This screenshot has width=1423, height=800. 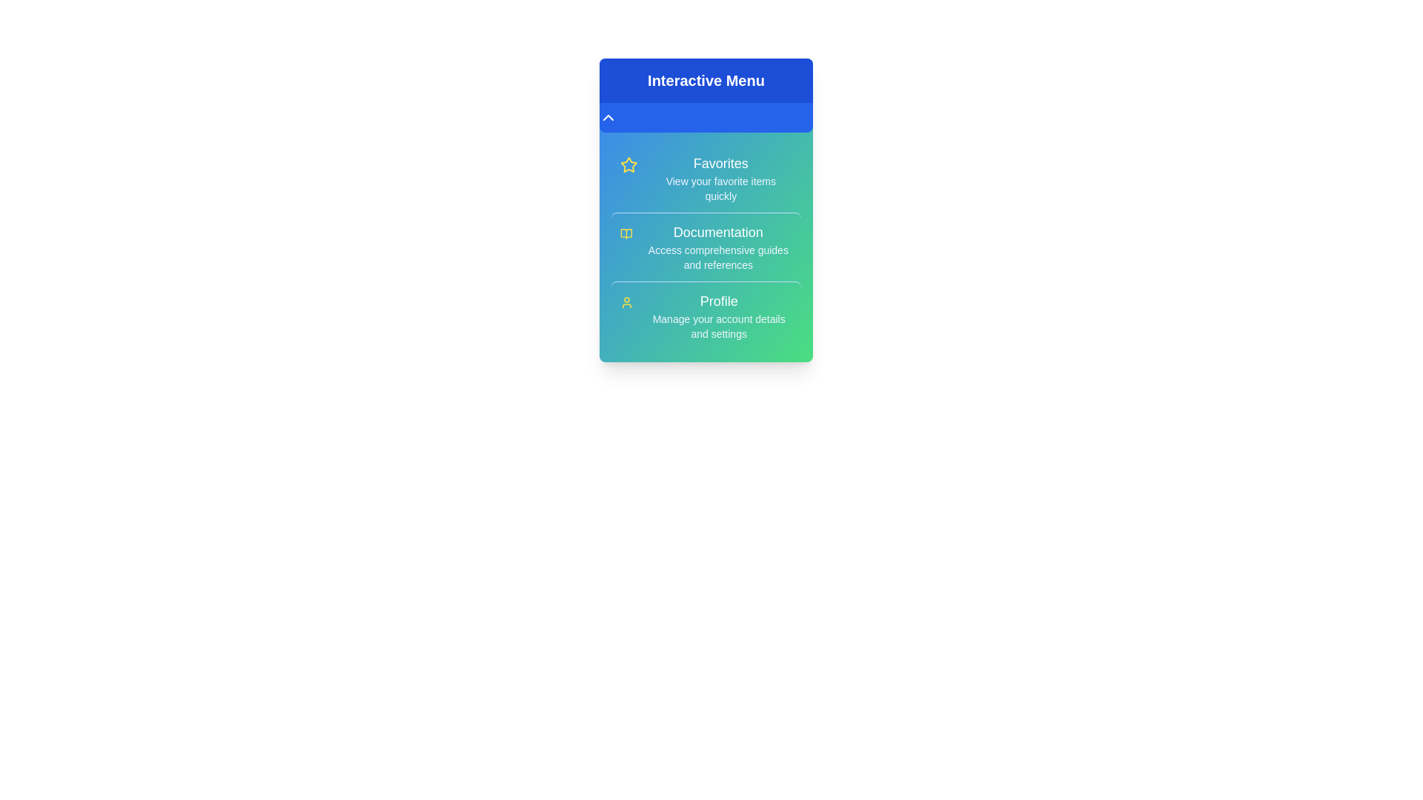 What do you see at coordinates (706, 245) in the screenshot?
I see `the menu item Documentation to view its hover effect` at bounding box center [706, 245].